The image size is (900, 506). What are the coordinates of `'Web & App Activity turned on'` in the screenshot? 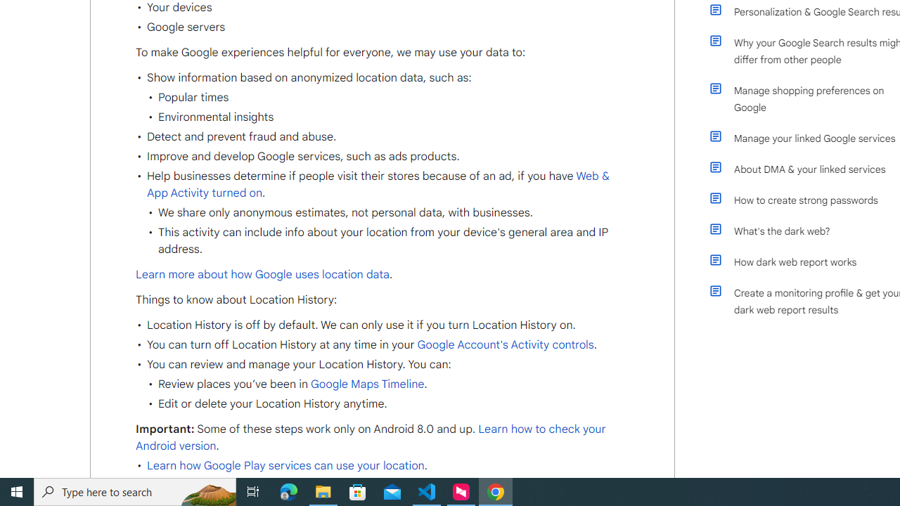 It's located at (378, 184).